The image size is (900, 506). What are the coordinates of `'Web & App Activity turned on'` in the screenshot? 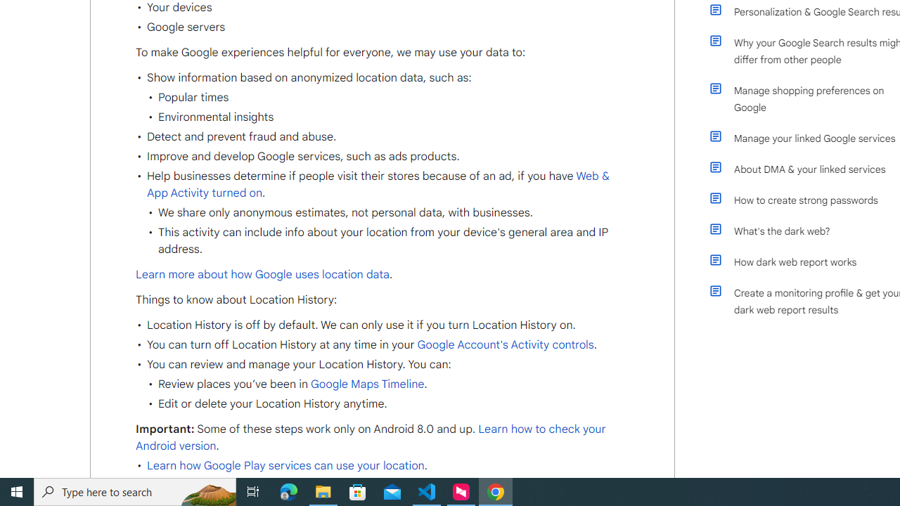 It's located at (378, 184).